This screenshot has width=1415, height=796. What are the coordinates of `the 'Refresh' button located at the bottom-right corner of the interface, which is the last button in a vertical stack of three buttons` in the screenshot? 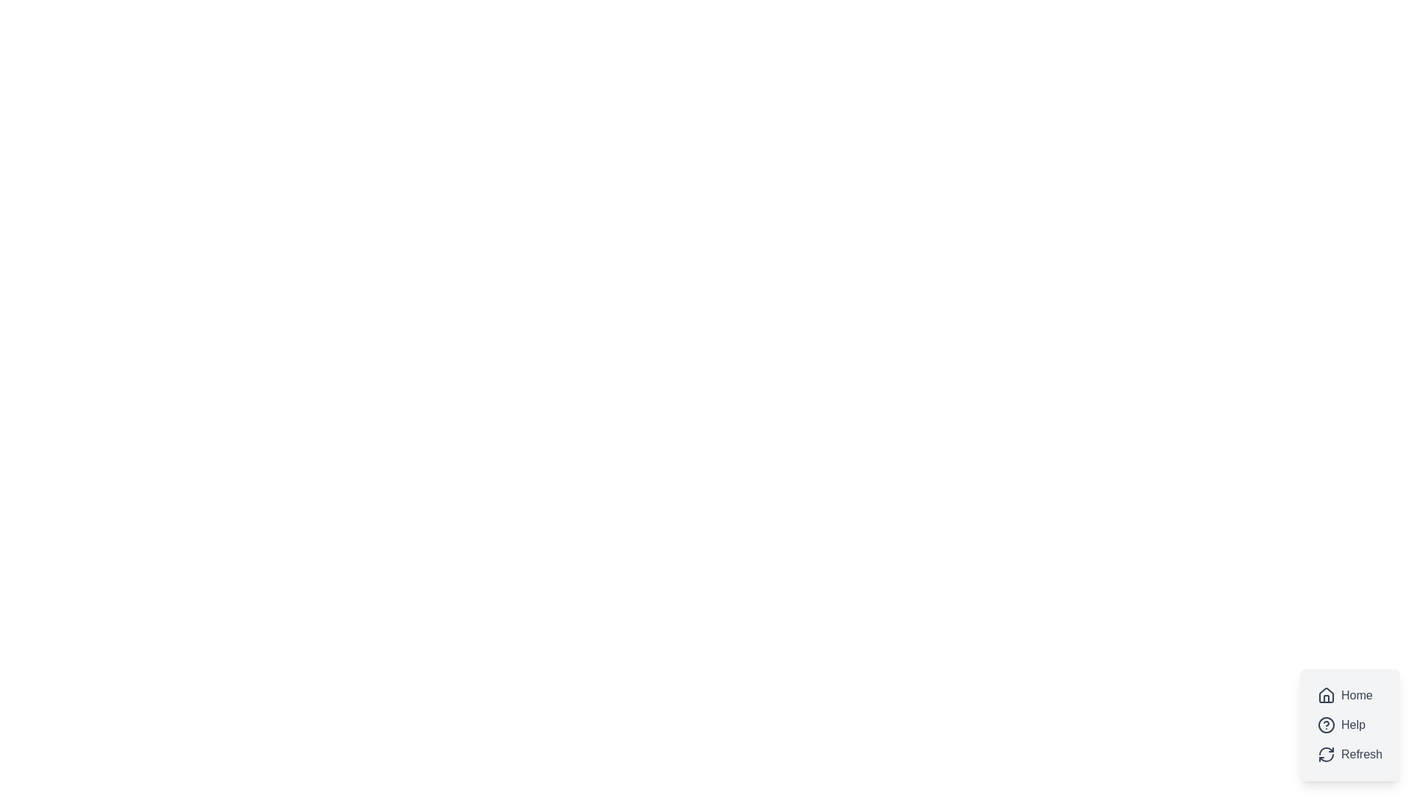 It's located at (1350, 754).